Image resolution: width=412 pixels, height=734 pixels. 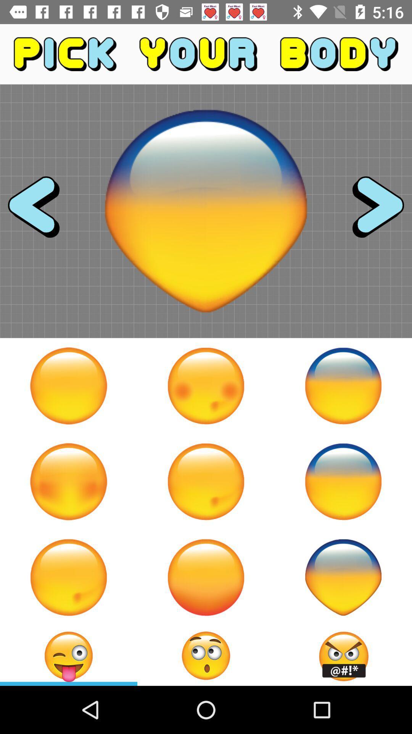 What do you see at coordinates (371, 211) in the screenshot?
I see `advance to next body part` at bounding box center [371, 211].